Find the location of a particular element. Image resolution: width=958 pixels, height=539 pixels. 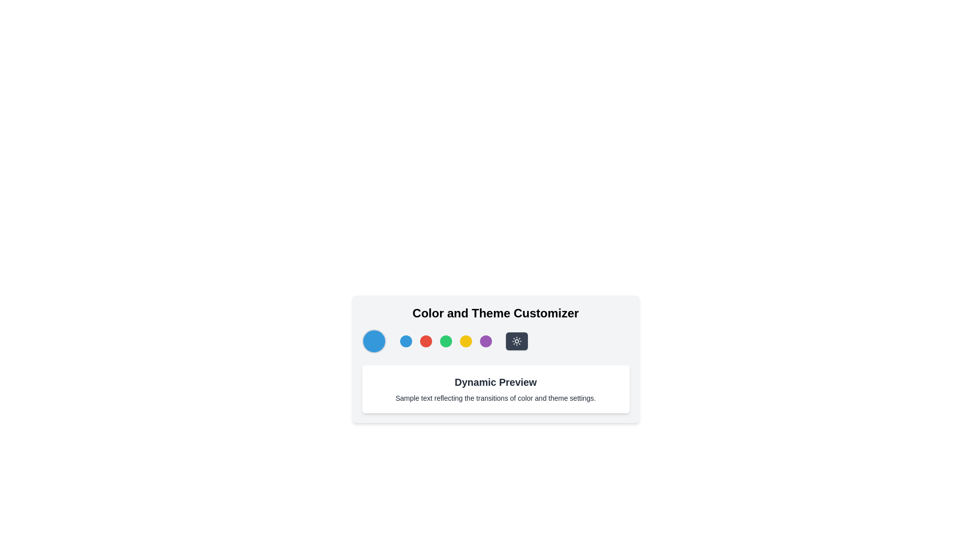

the fourth circular button with a bright yellow background in the toolbar is located at coordinates (465, 340).